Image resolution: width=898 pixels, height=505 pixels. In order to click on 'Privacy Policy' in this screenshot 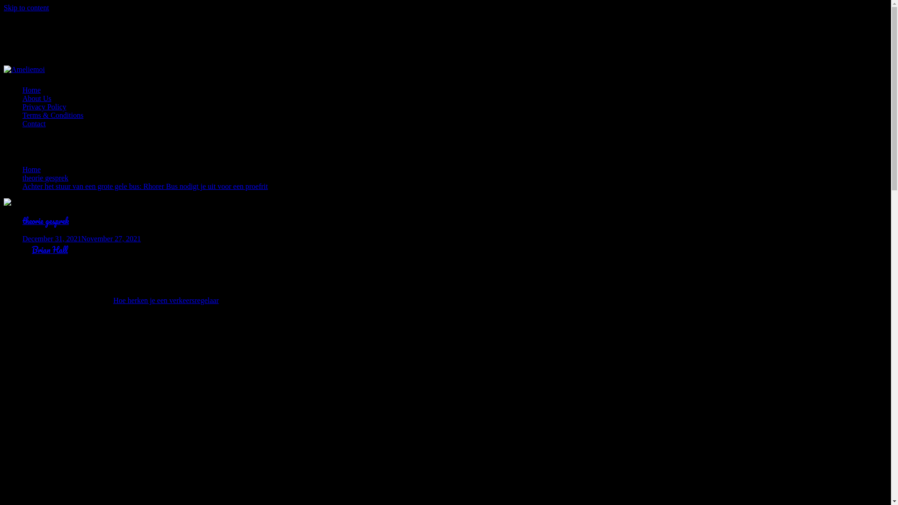, I will do `click(44, 106)`.